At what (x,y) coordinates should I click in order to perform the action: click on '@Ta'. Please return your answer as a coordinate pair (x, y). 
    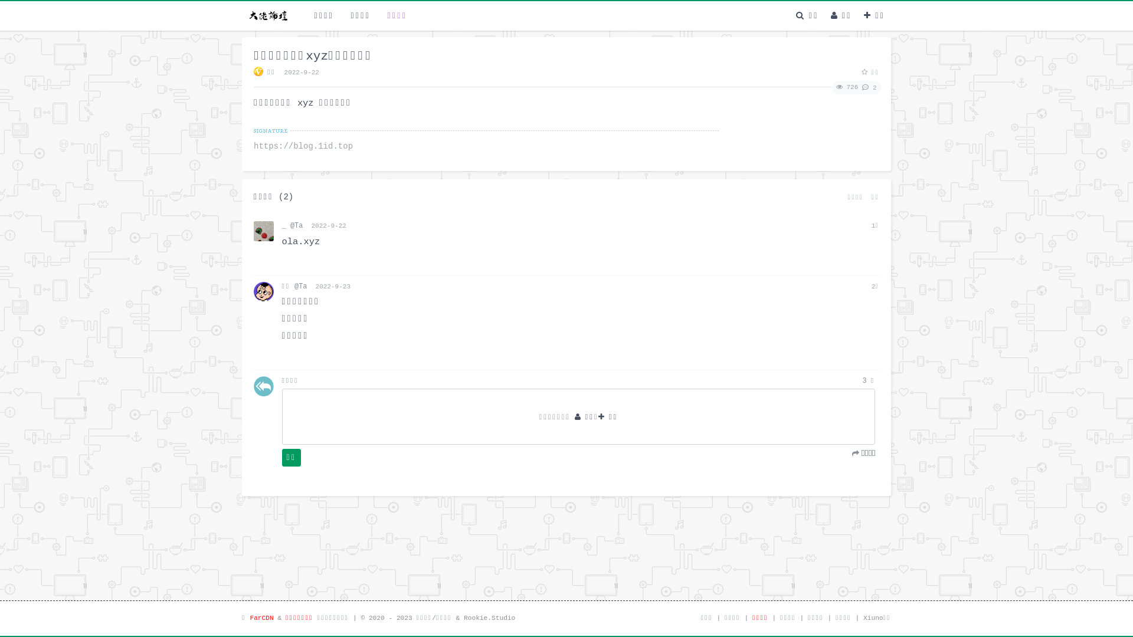
    Looking at the image, I should click on (294, 287).